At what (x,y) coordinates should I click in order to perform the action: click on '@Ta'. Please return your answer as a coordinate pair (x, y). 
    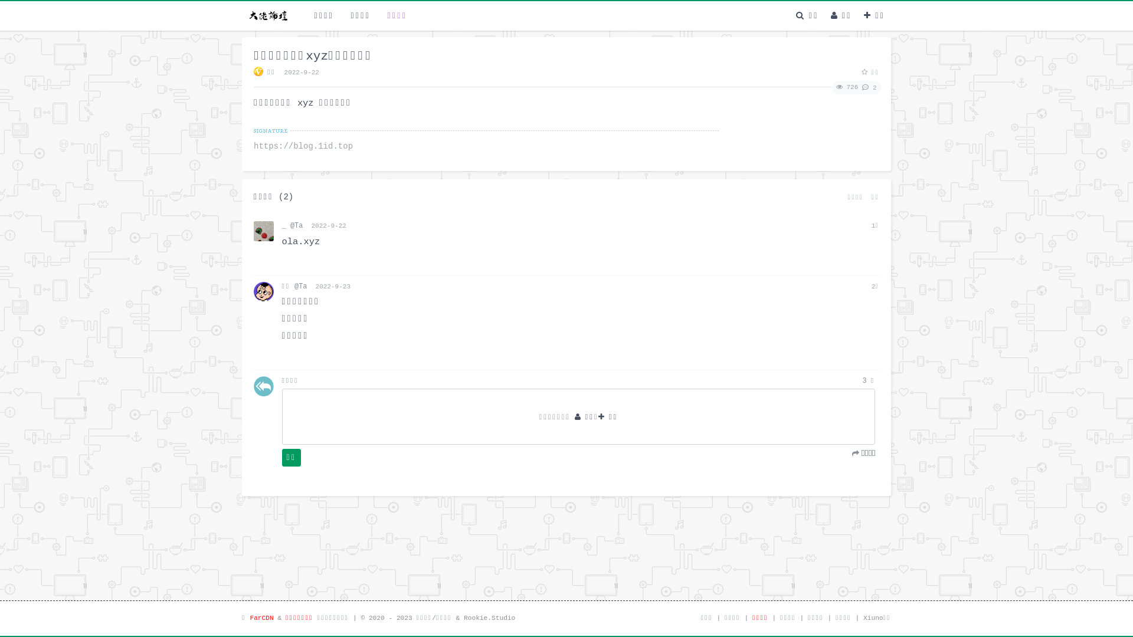
    Looking at the image, I should click on (294, 287).